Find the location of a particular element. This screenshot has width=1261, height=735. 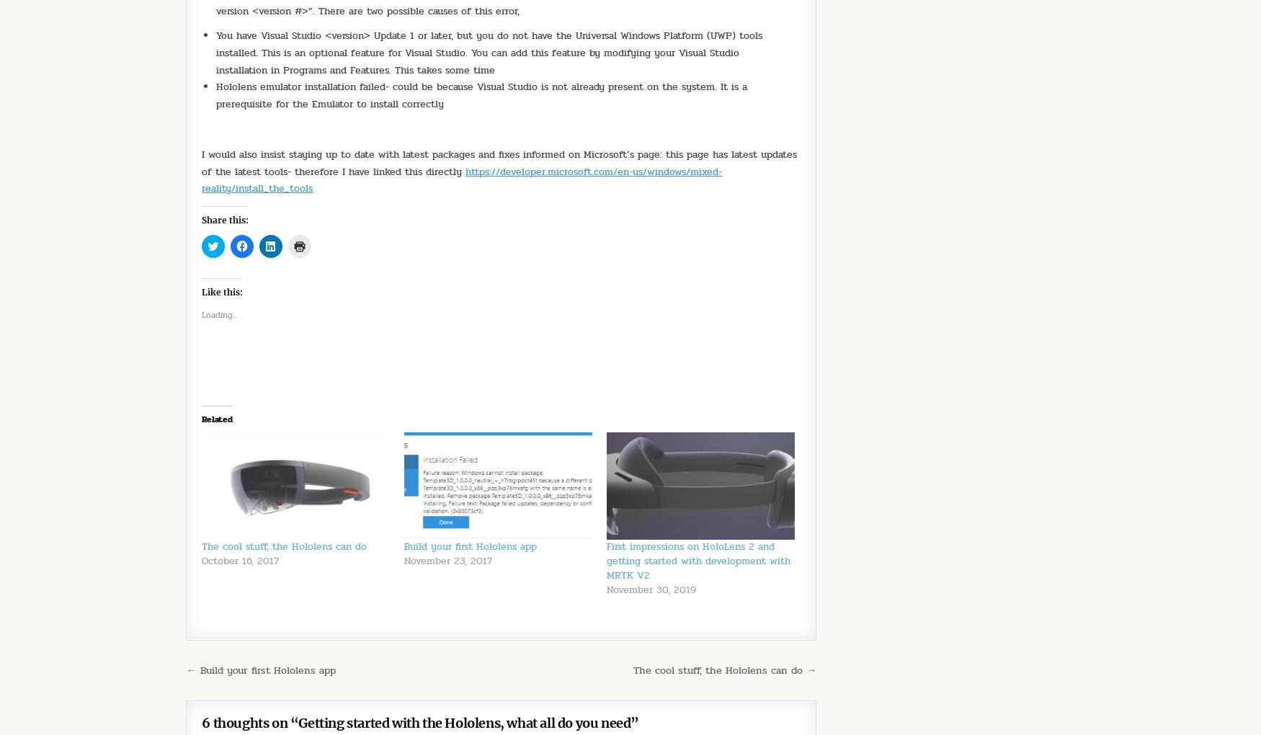

'Like this:' is located at coordinates (221, 291).